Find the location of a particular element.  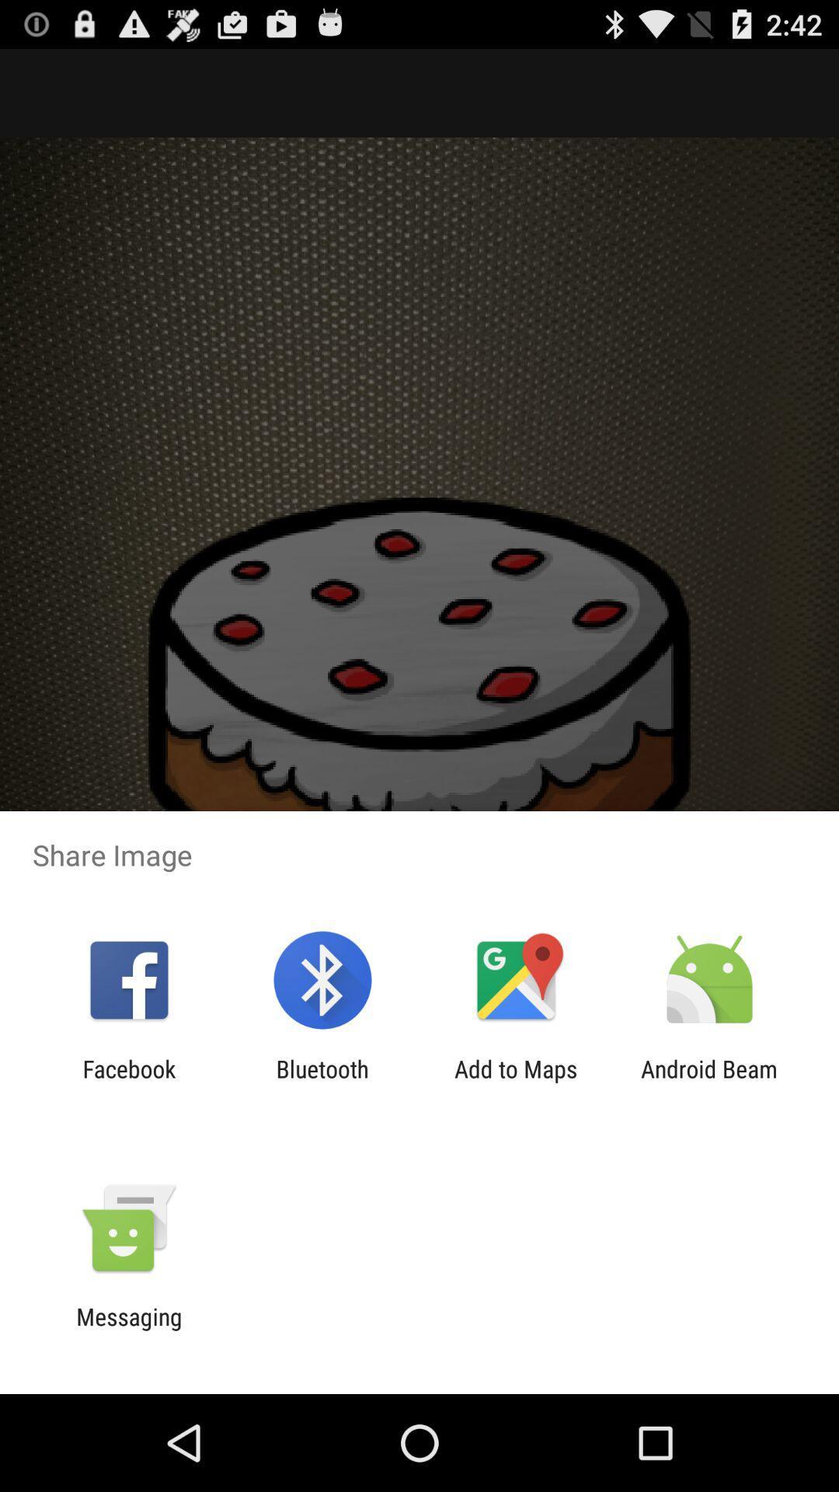

icon at the bottom right corner is located at coordinates (709, 1082).